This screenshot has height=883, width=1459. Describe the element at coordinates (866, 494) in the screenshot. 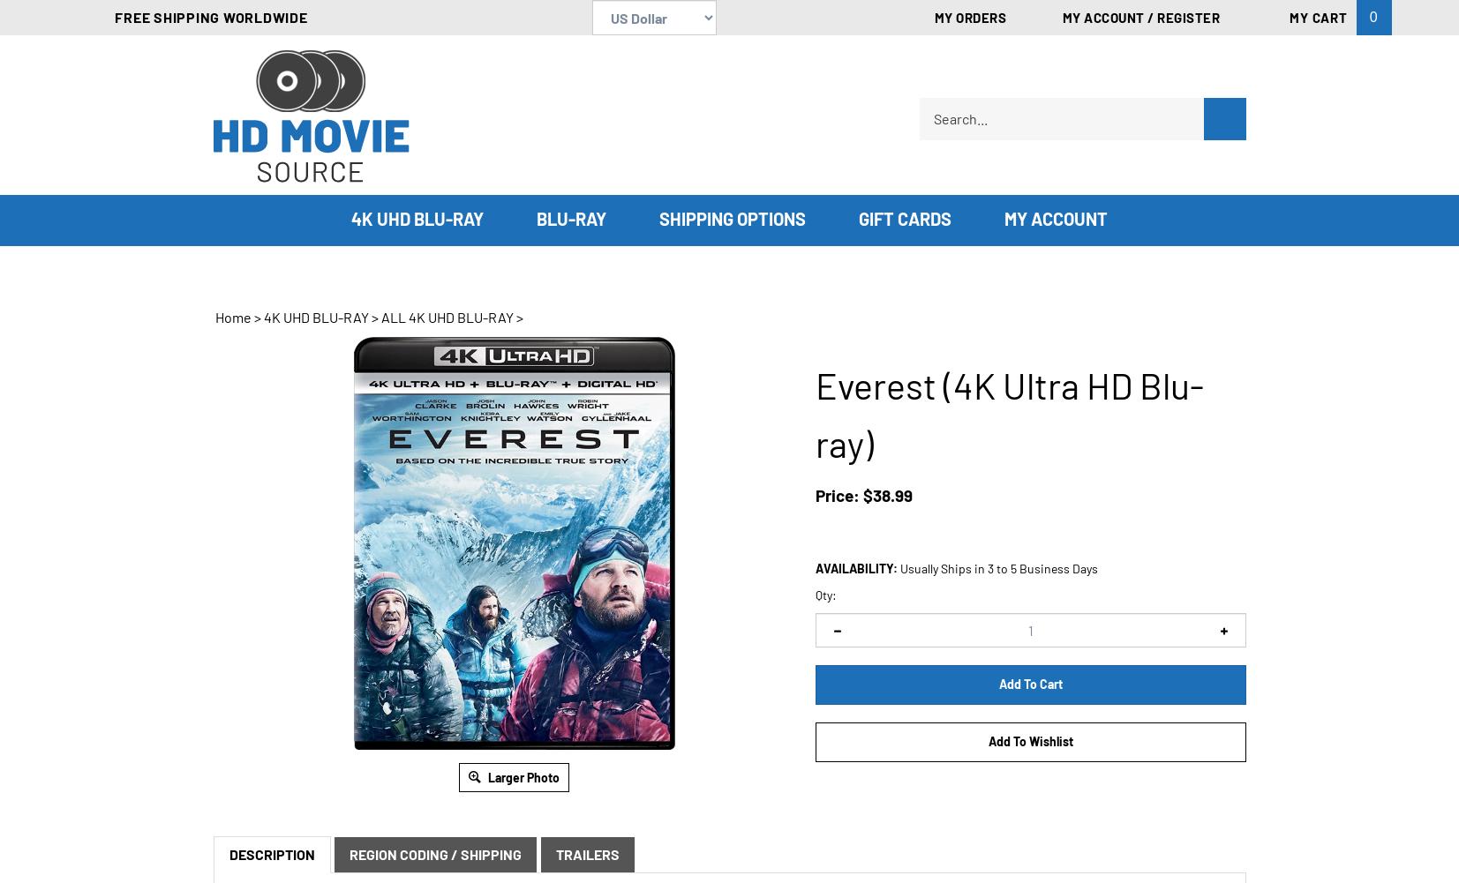

I see `'$'` at that location.